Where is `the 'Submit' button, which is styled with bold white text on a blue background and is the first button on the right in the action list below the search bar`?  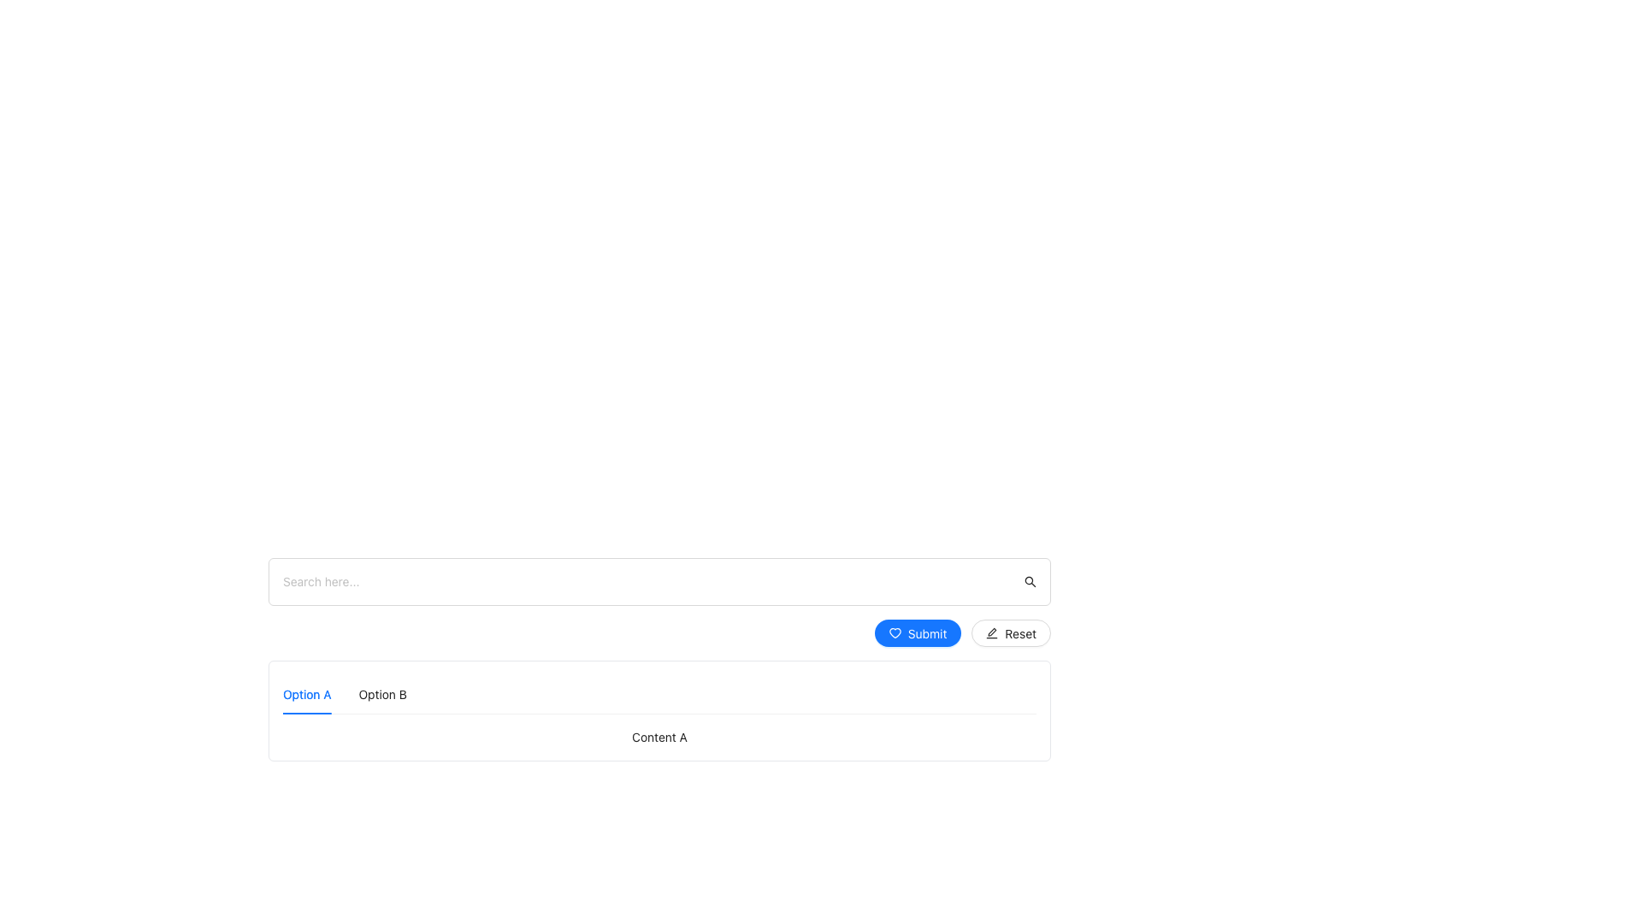
the 'Submit' button, which is styled with bold white text on a blue background and is the first button on the right in the action list below the search bar is located at coordinates (926, 632).